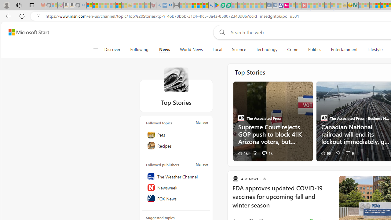  Describe the element at coordinates (176, 187) in the screenshot. I see `'Newsweek'` at that location.